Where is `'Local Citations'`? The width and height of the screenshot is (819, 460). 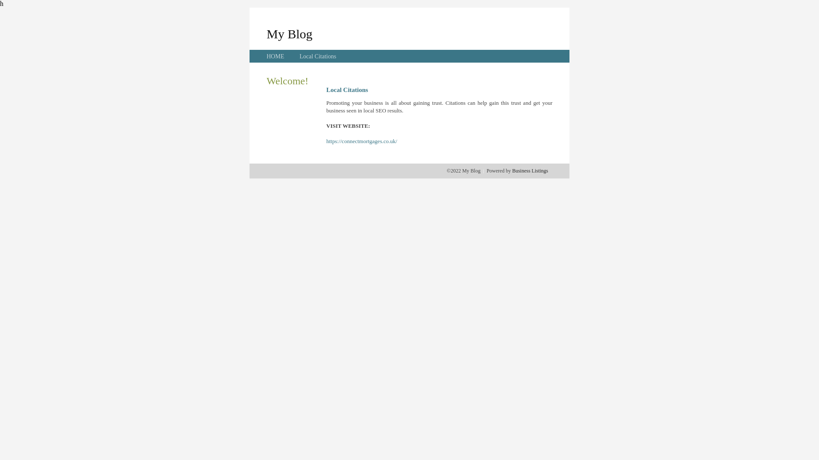
'Local Citations' is located at coordinates (317, 56).